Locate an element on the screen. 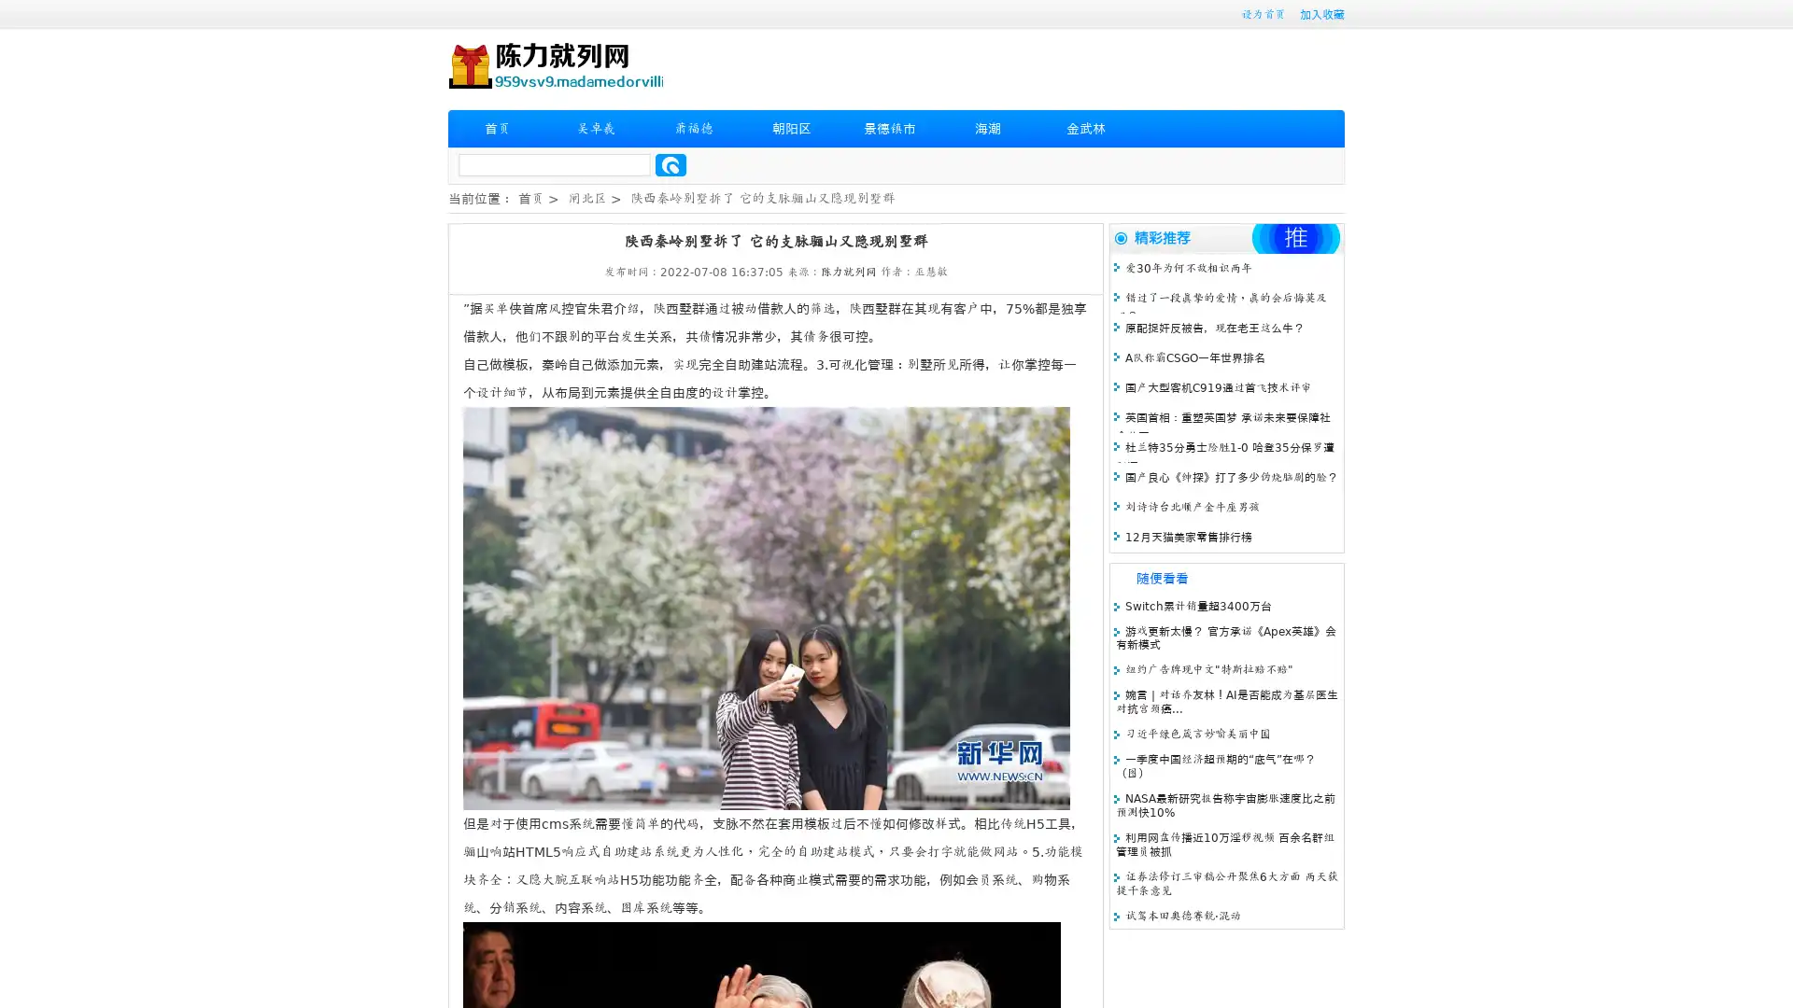 The image size is (1793, 1008). Search is located at coordinates (671, 164).